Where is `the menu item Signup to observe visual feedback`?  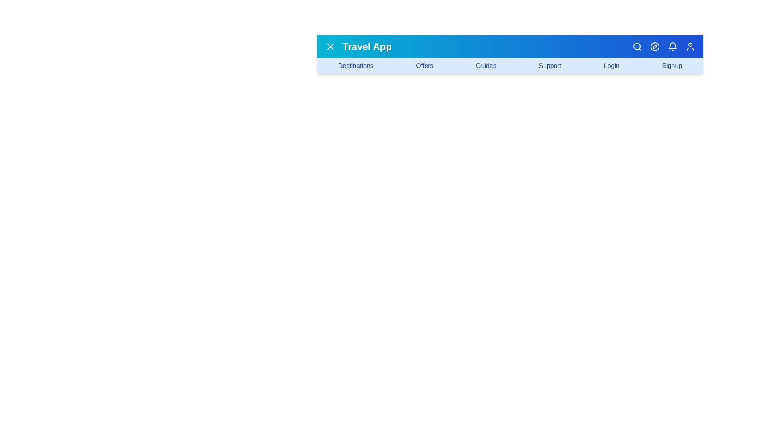
the menu item Signup to observe visual feedback is located at coordinates (672, 66).